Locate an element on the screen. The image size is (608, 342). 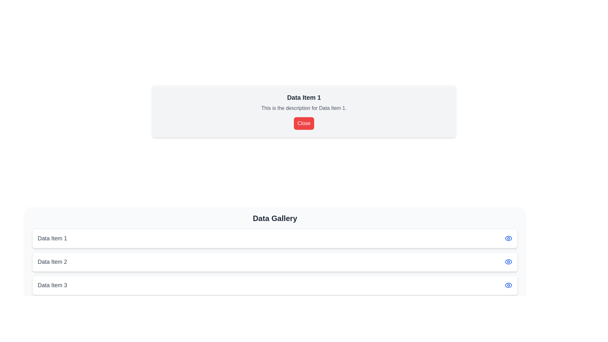
the blue eye icon located to the right of the text label 'Data Item 3' is located at coordinates (509, 285).